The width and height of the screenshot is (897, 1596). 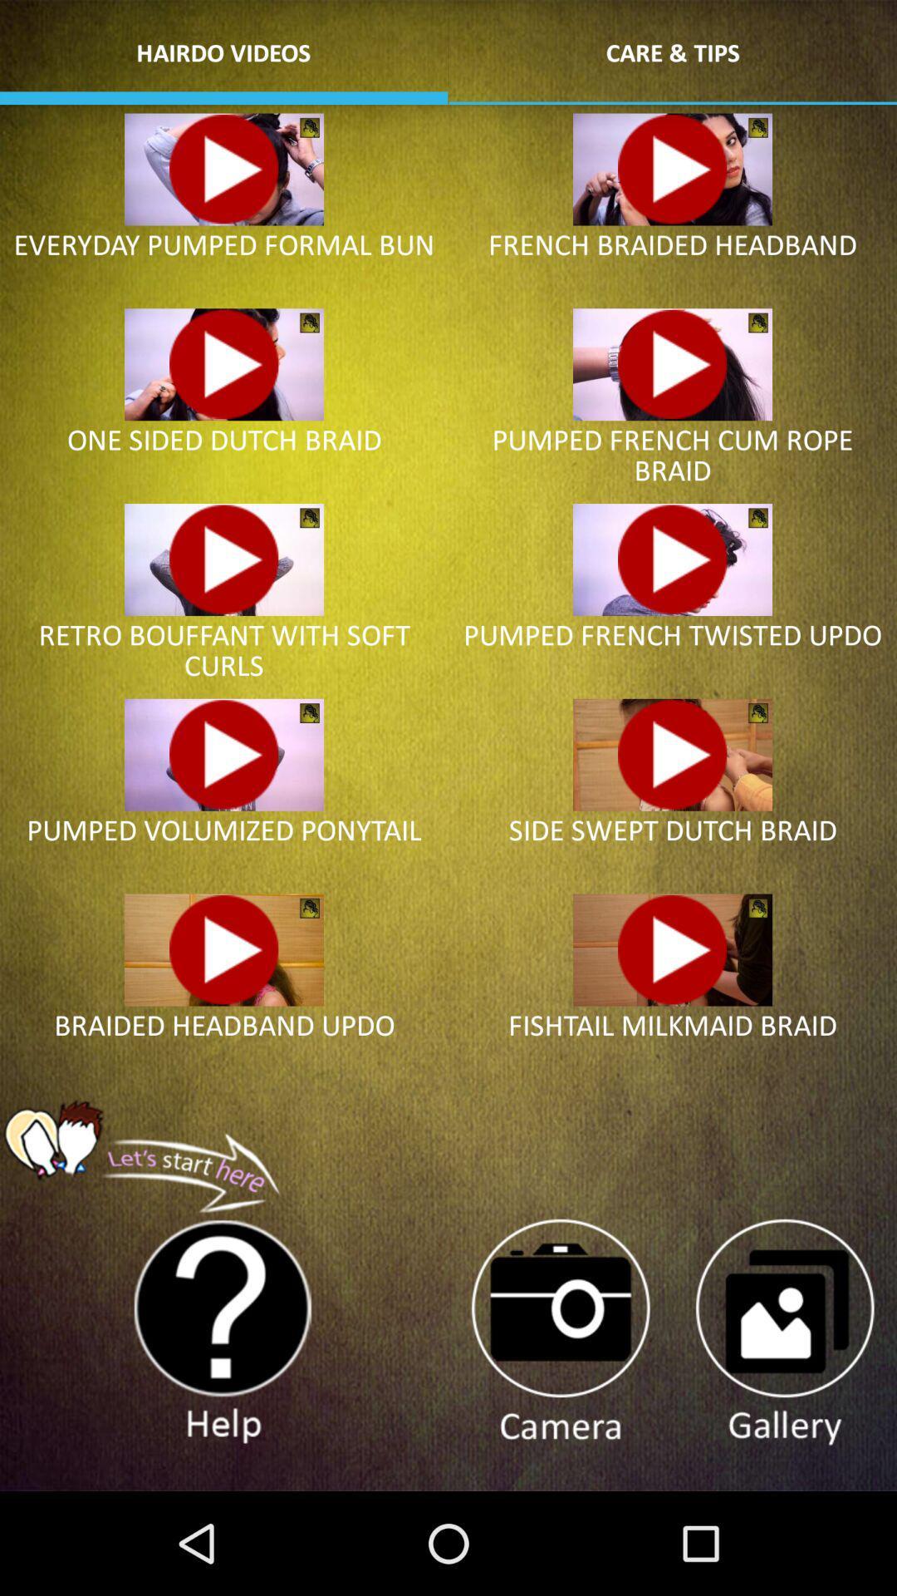 What do you see at coordinates (223, 1332) in the screenshot?
I see `help more information` at bounding box center [223, 1332].